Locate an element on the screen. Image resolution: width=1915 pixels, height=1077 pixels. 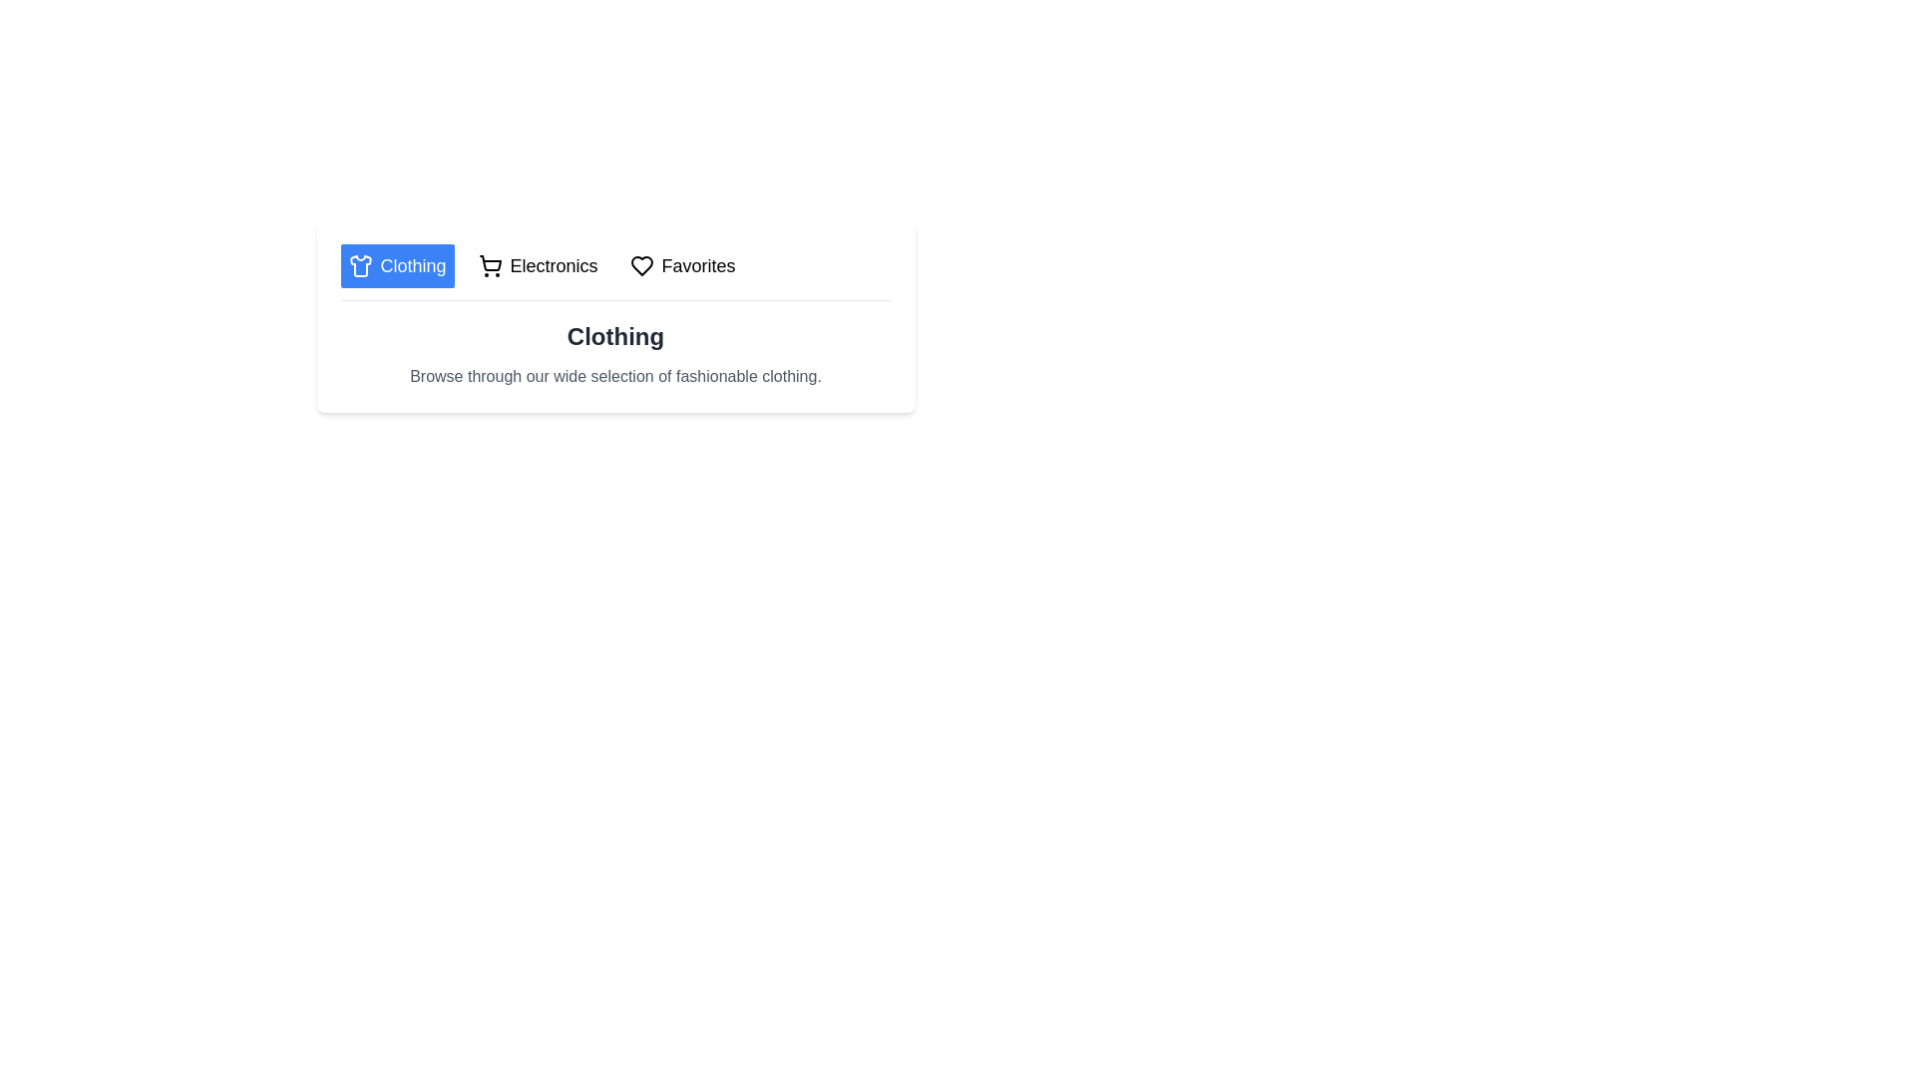
the tab labeled Electronics to display more options is located at coordinates (538, 264).